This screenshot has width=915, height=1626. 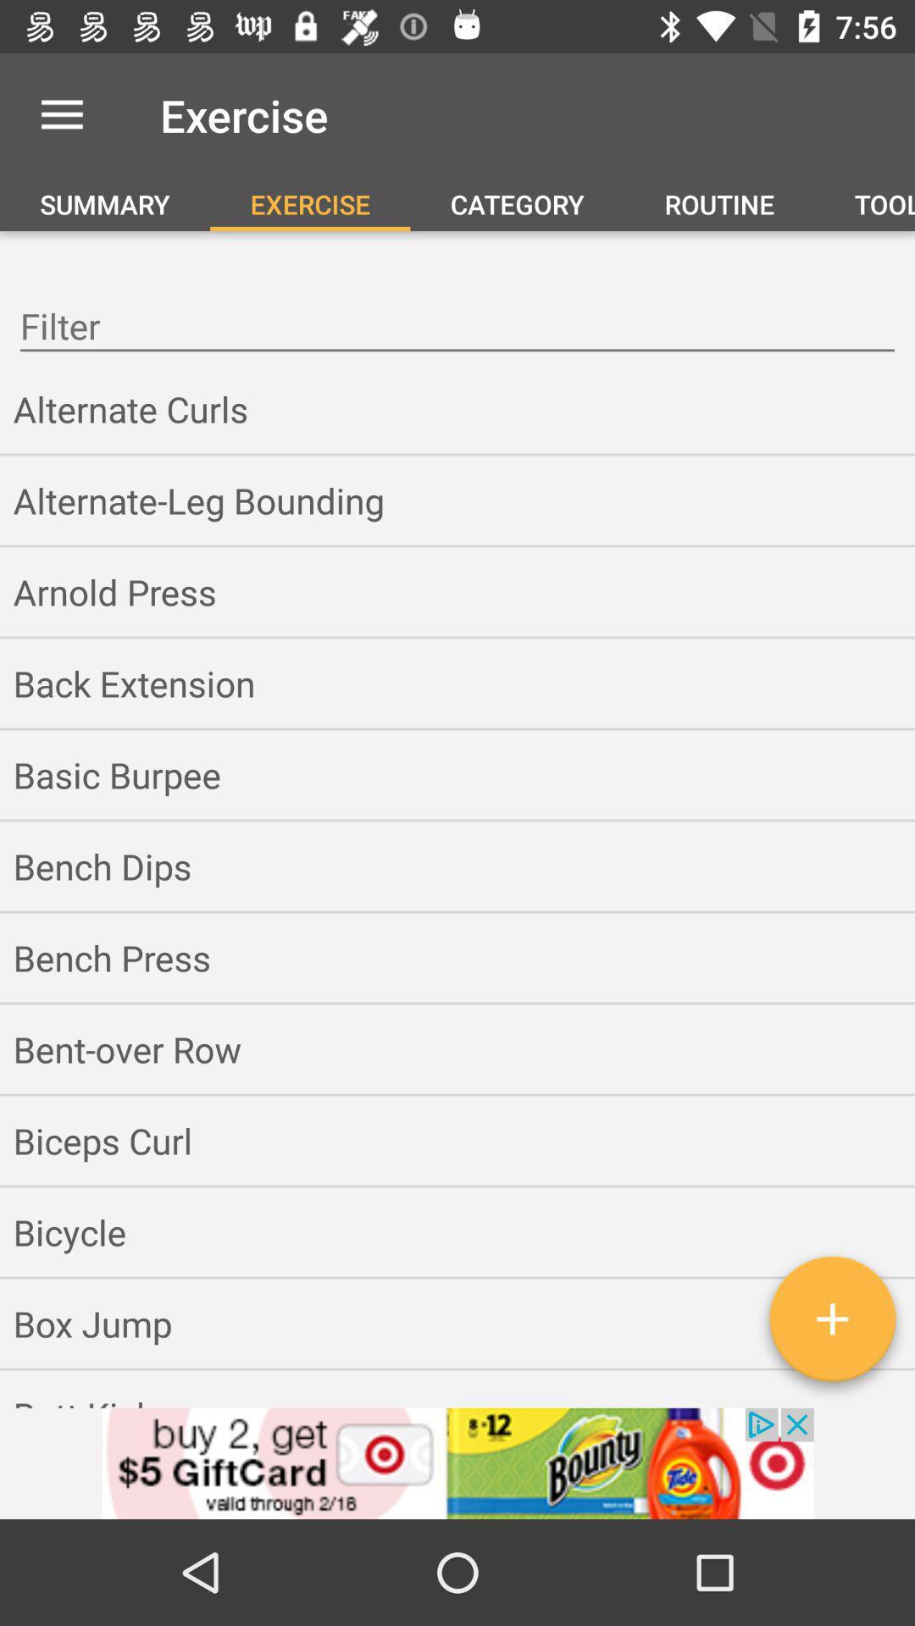 What do you see at coordinates (831, 1325) in the screenshot?
I see `the add icon` at bounding box center [831, 1325].